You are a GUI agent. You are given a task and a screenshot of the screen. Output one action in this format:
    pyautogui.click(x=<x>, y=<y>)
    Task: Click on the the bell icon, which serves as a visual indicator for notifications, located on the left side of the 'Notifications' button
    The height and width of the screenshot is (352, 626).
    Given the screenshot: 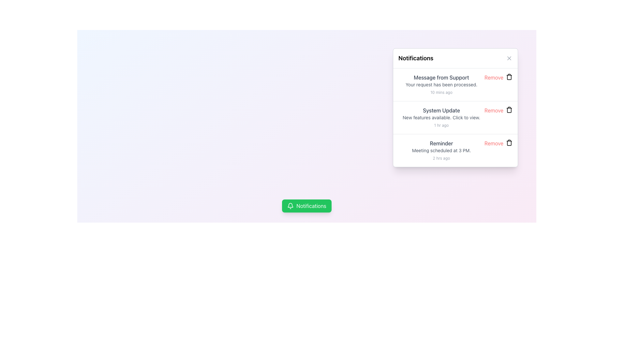 What is the action you would take?
    pyautogui.click(x=290, y=206)
    